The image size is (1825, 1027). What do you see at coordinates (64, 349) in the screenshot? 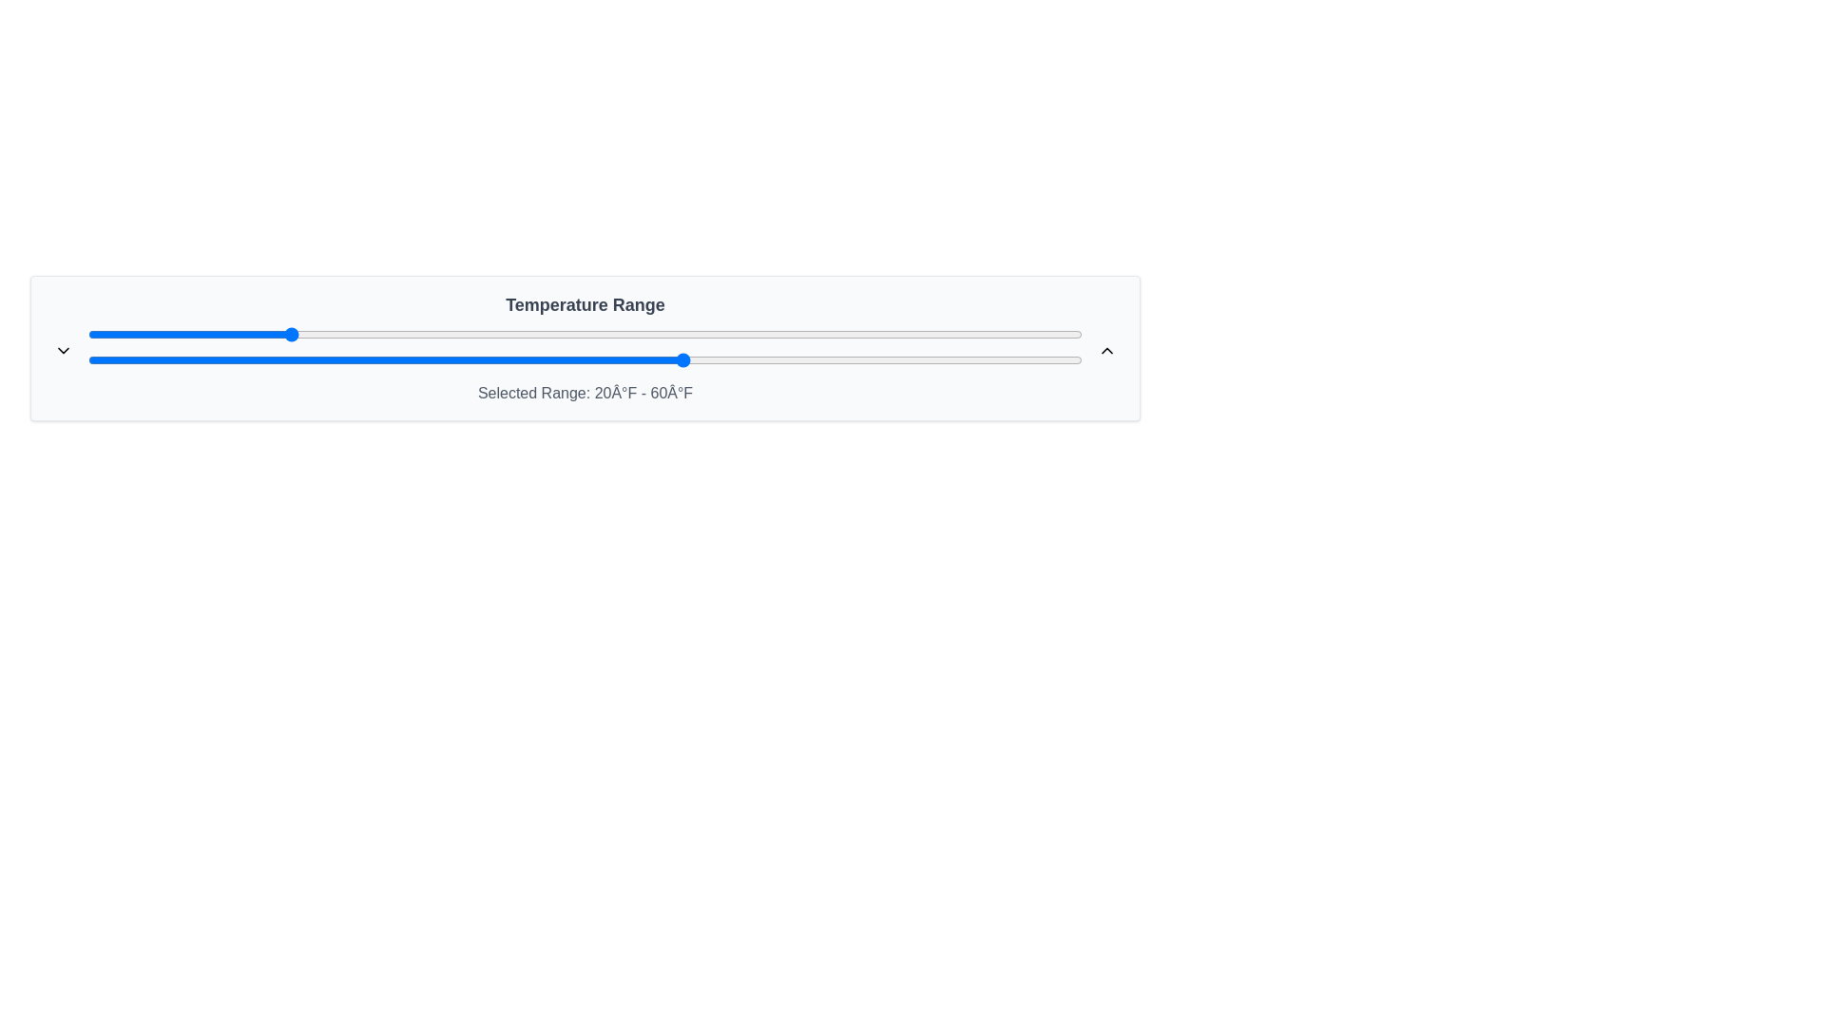
I see `the decrease button located on the left side of the horizontal layout to decrease the minimum value of the range represented by the sliders` at bounding box center [64, 349].